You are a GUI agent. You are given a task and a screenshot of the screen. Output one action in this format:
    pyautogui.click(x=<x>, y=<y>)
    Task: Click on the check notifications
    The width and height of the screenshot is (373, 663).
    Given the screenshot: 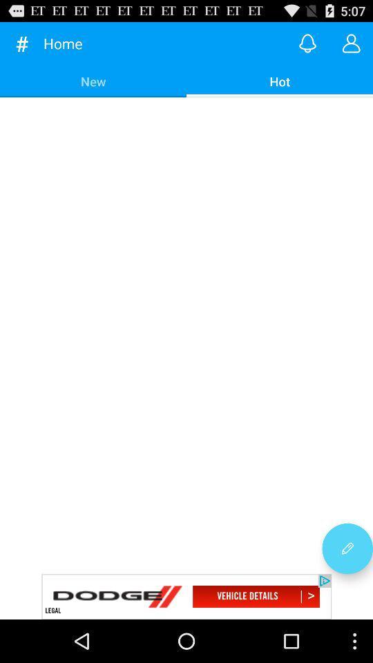 What is the action you would take?
    pyautogui.click(x=307, y=43)
    